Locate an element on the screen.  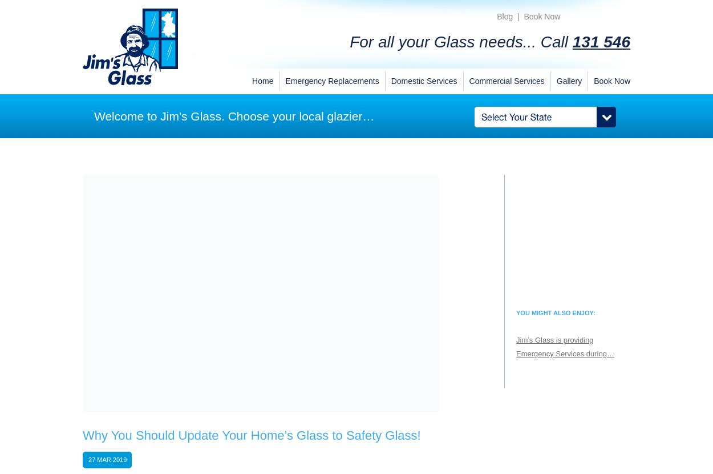
'For all your Glass needs... Call' is located at coordinates (461, 41).